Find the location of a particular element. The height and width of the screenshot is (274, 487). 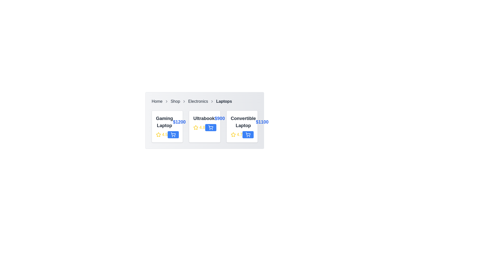

the text label displaying the number '4.8' in yellow font, located next to a star icon in the middle card's rating section is located at coordinates (202, 127).